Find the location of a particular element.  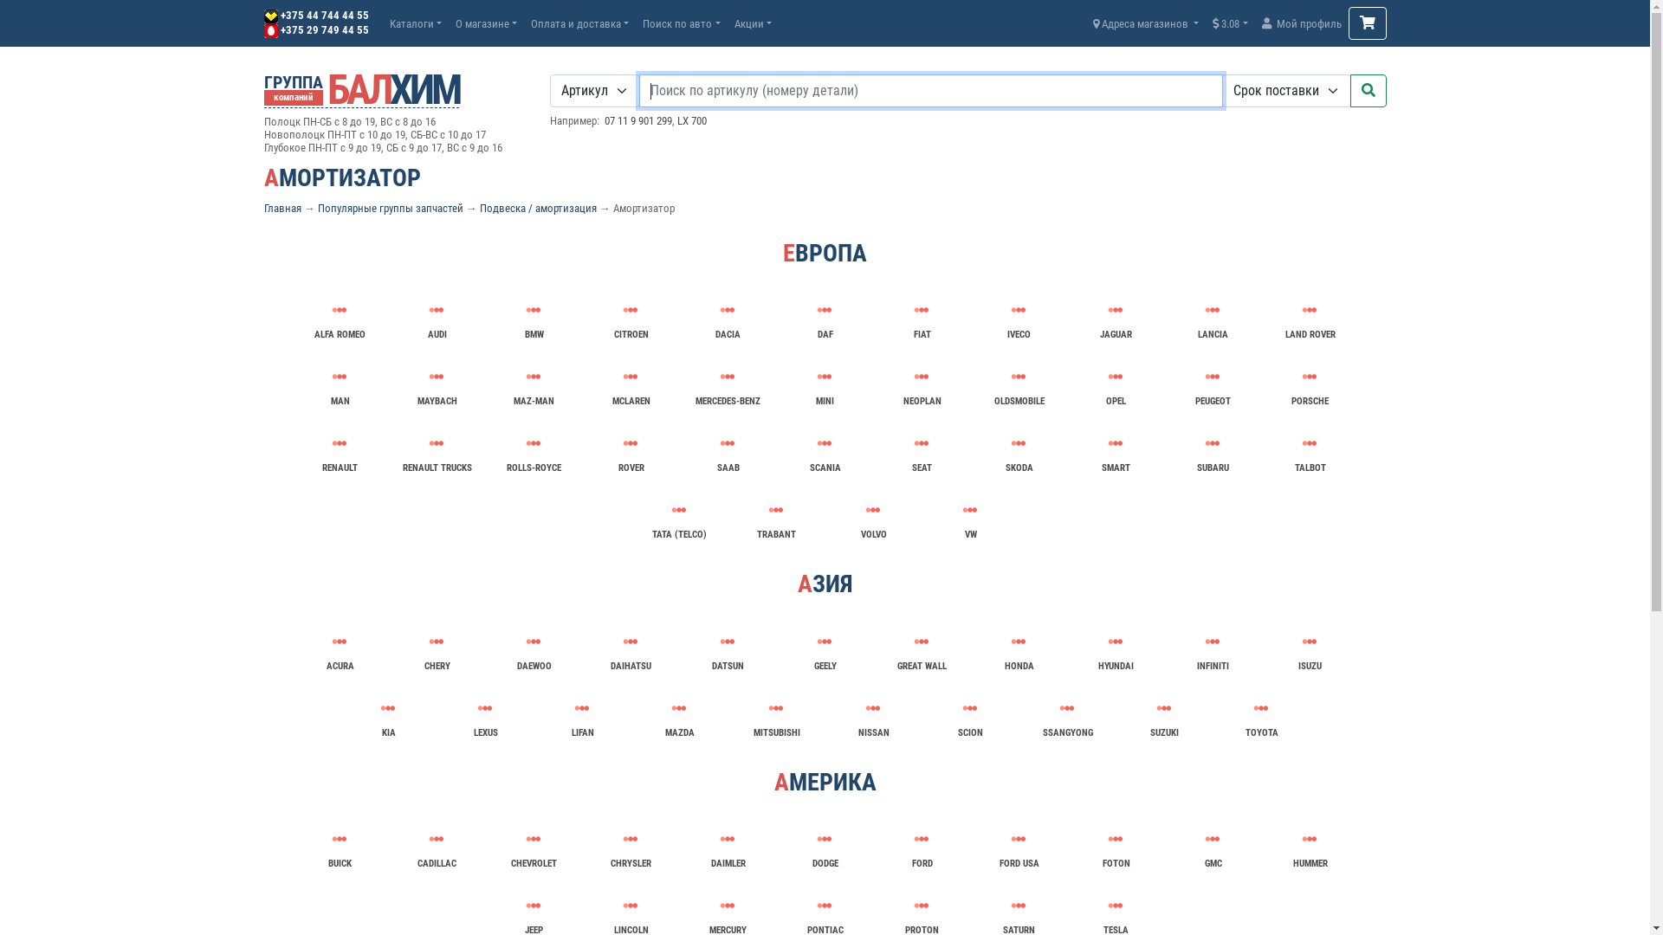

'CHERY' is located at coordinates (437, 641).